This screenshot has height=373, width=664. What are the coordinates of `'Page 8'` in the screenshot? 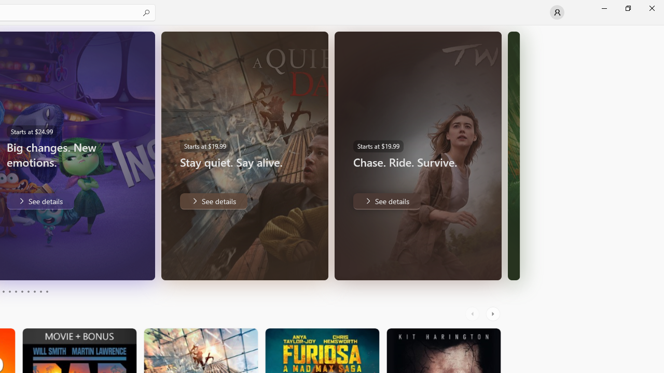 It's located at (34, 292).